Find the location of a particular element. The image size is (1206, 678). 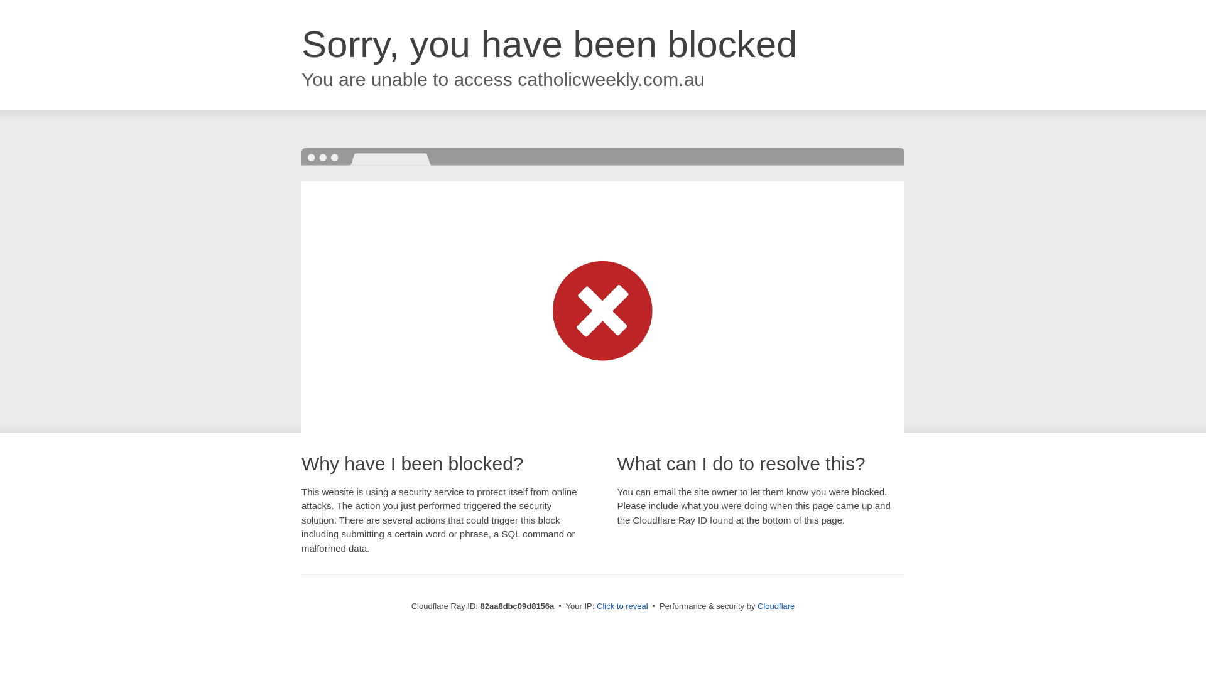

'Click to reveal' is located at coordinates (622, 605).